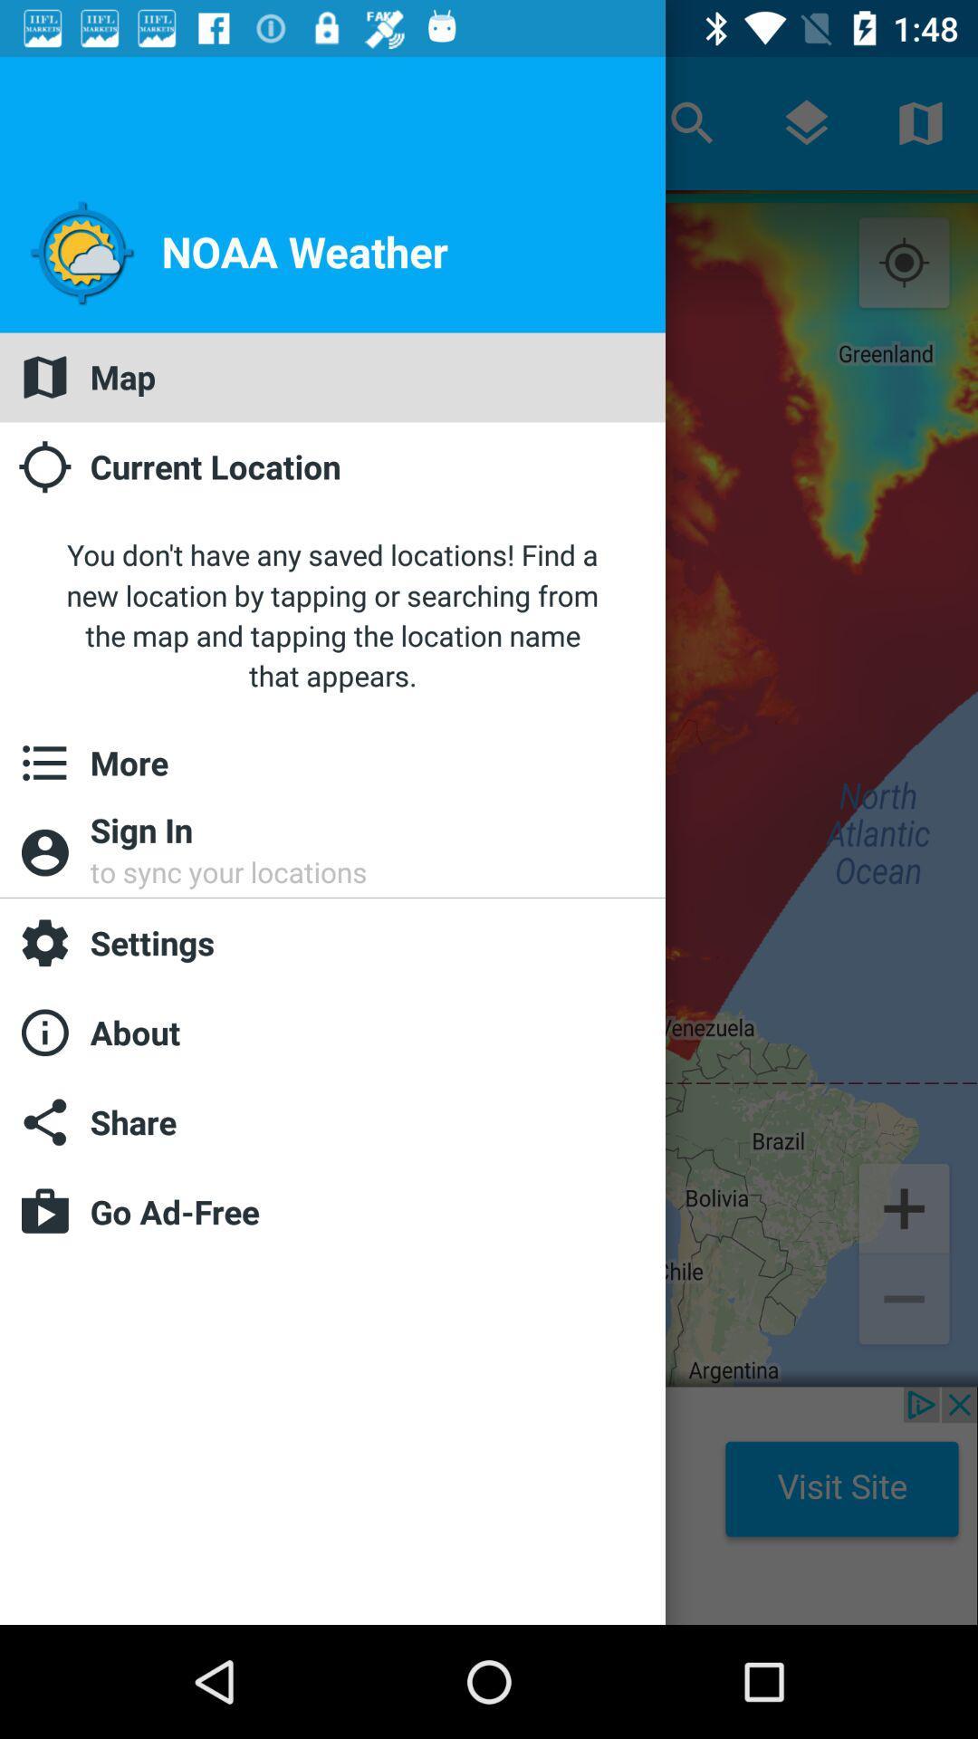  I want to click on the add icon, so click(904, 1206).